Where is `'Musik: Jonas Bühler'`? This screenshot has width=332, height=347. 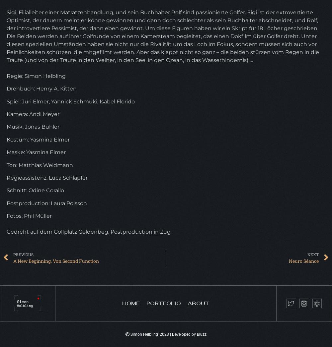
'Musik: Jonas Bühler' is located at coordinates (33, 126).